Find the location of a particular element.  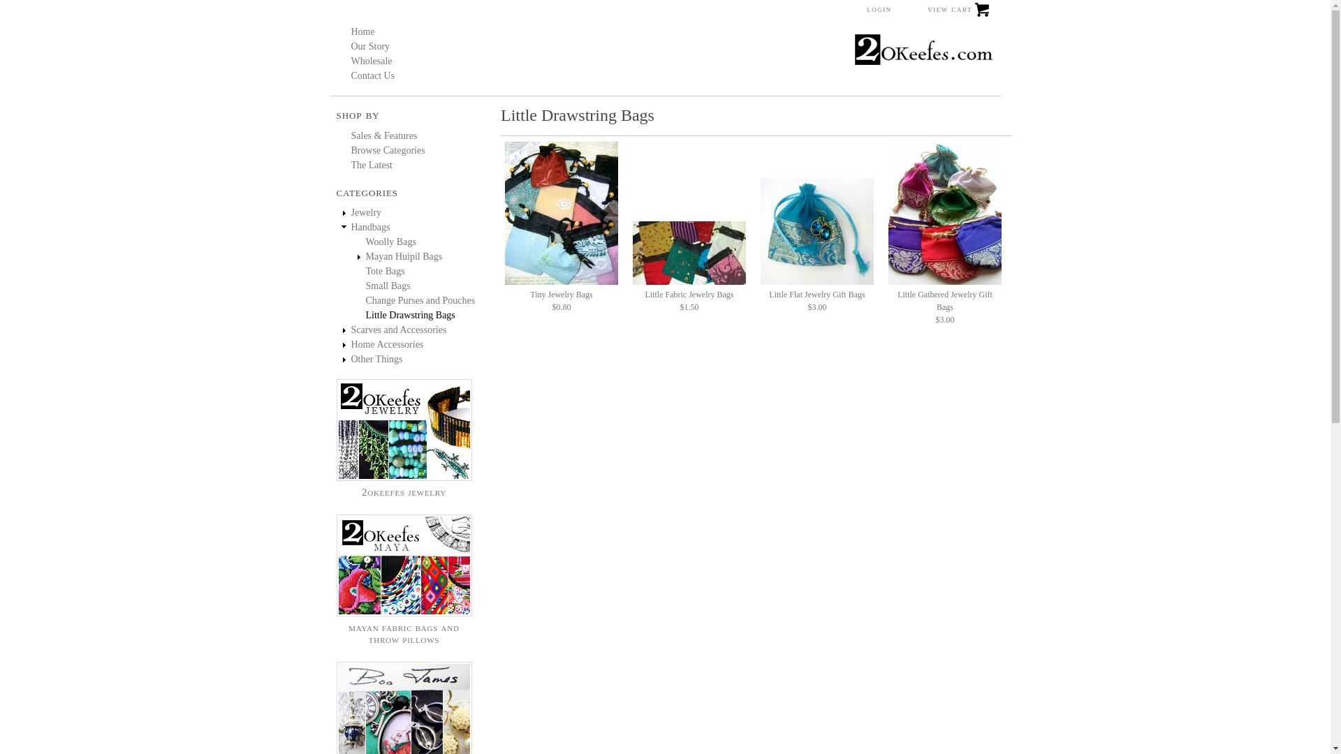

'view cart' is located at coordinates (925, 13).